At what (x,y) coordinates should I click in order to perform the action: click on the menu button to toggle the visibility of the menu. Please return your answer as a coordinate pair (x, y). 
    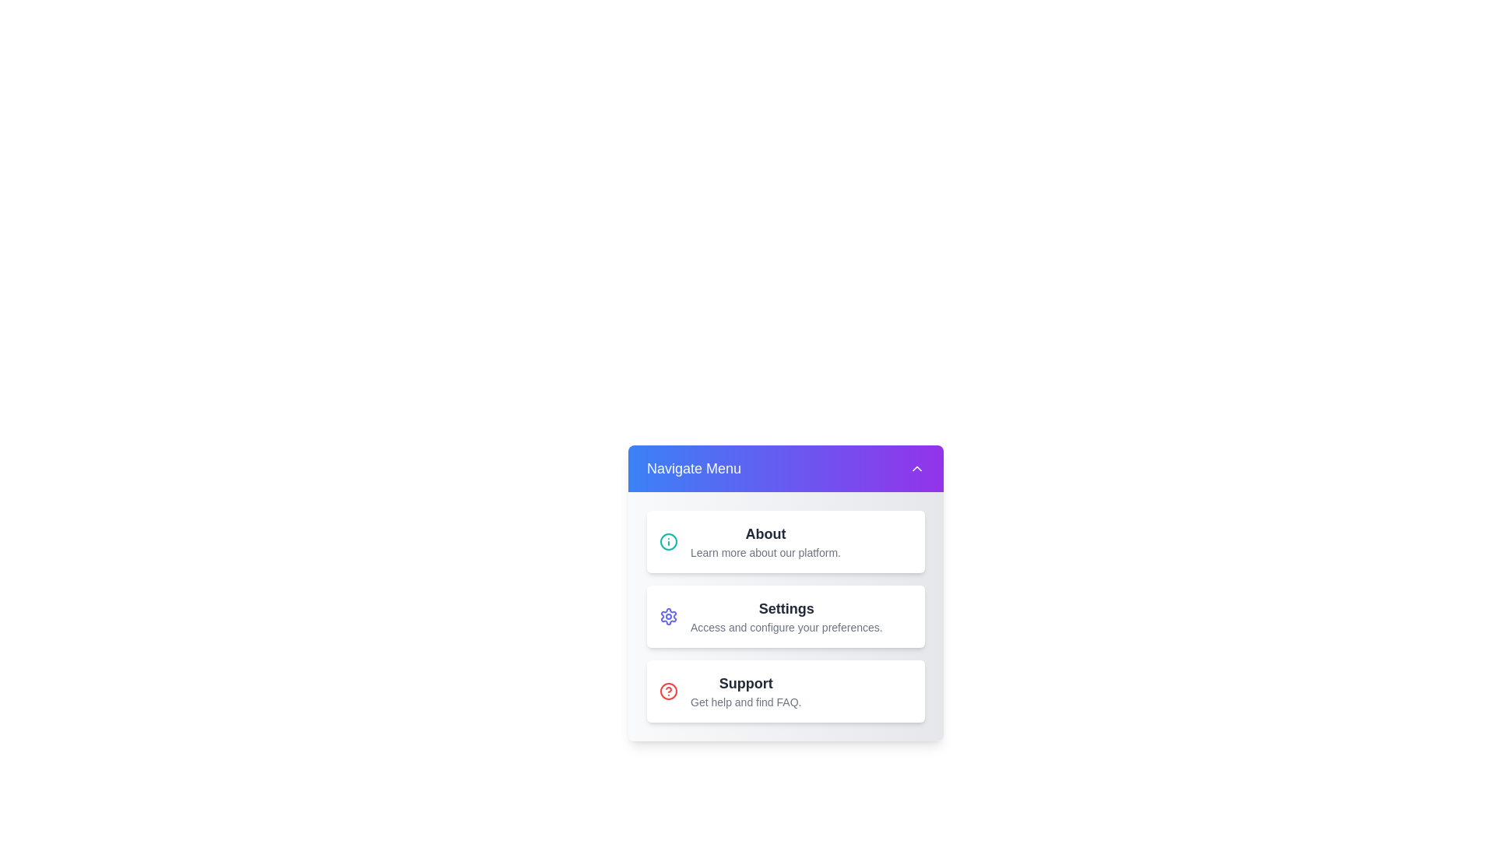
    Looking at the image, I should click on (786, 467).